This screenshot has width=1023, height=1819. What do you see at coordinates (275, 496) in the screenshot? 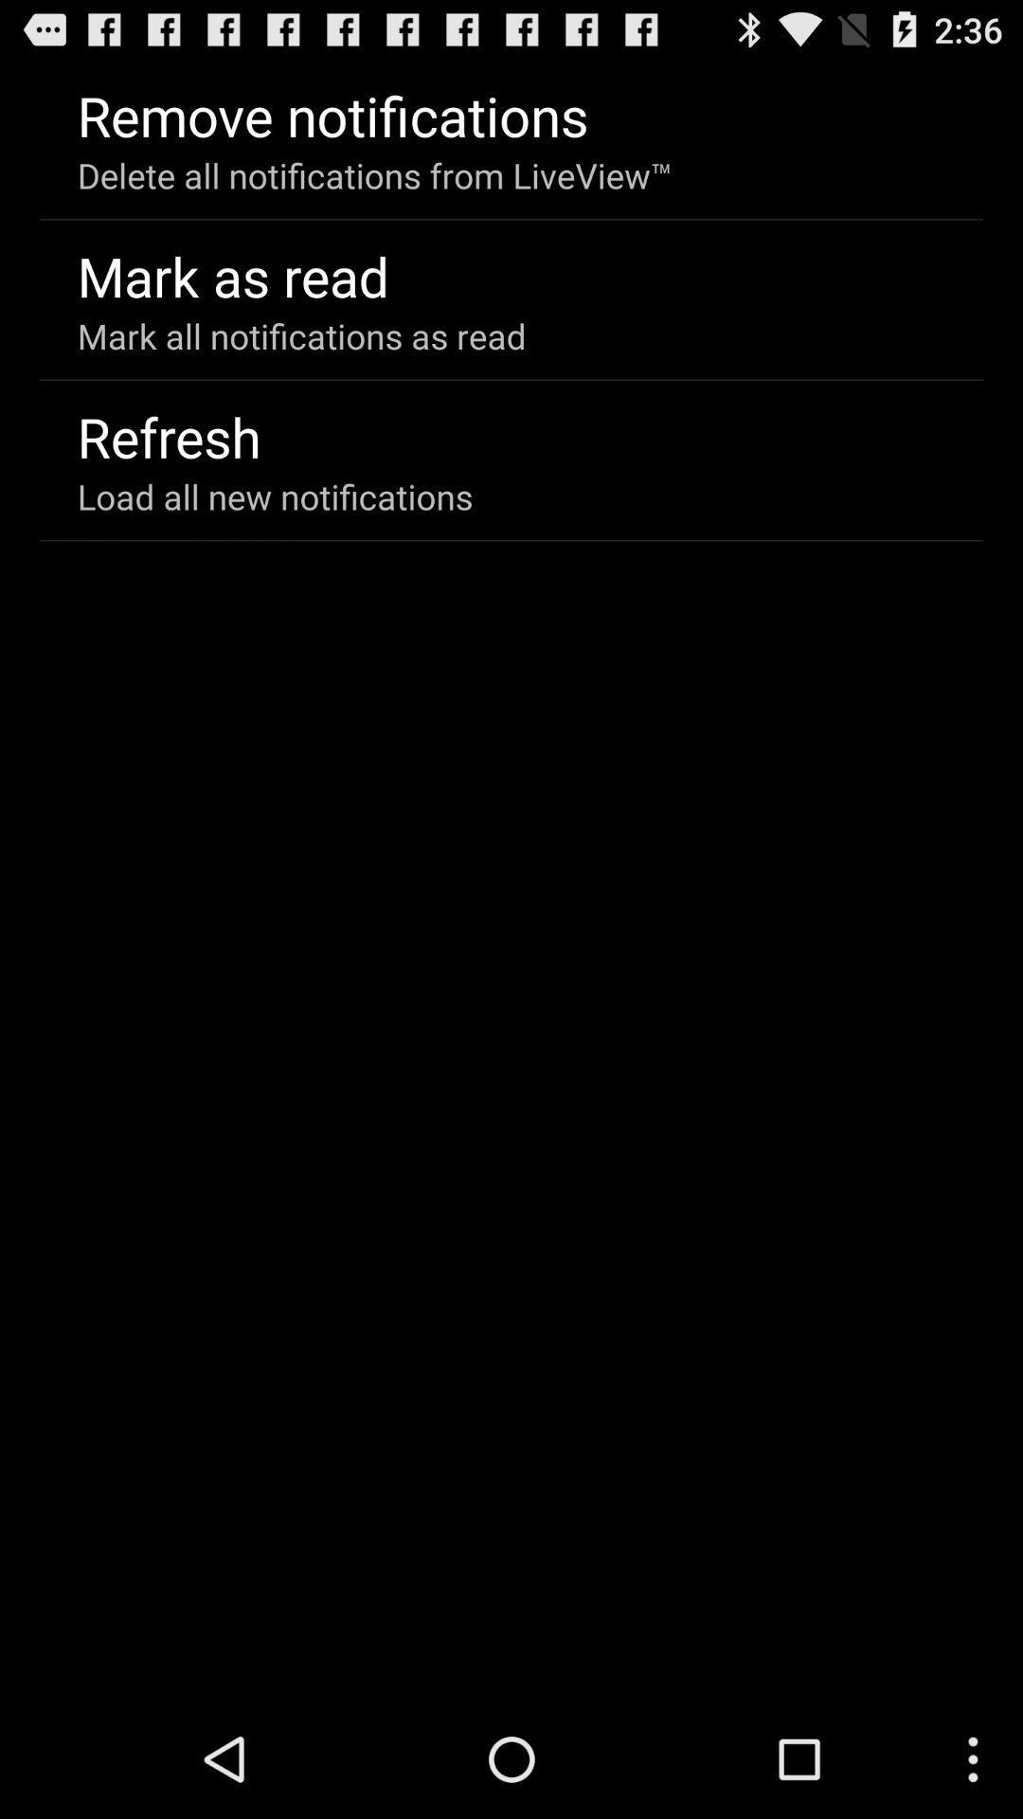
I see `the load all new icon` at bounding box center [275, 496].